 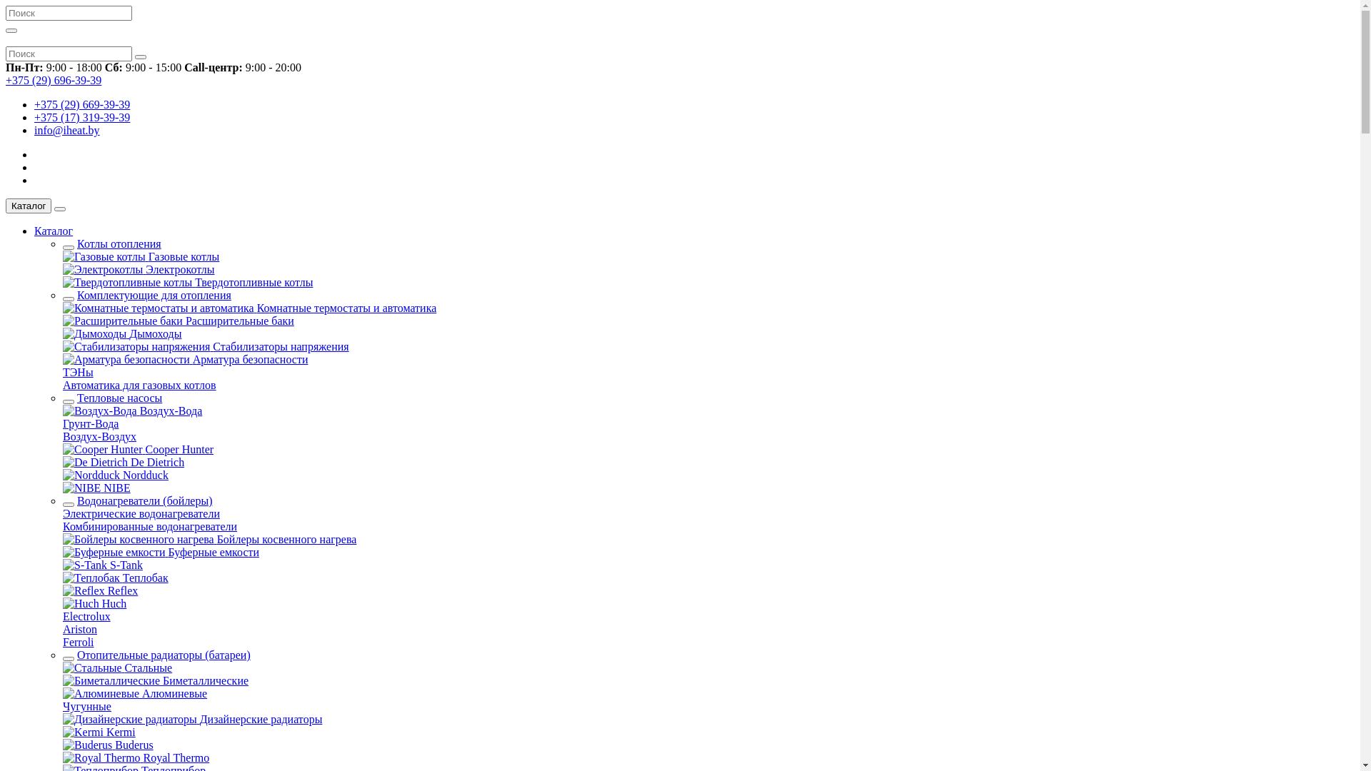 What do you see at coordinates (61, 628) in the screenshot?
I see `'Ariston'` at bounding box center [61, 628].